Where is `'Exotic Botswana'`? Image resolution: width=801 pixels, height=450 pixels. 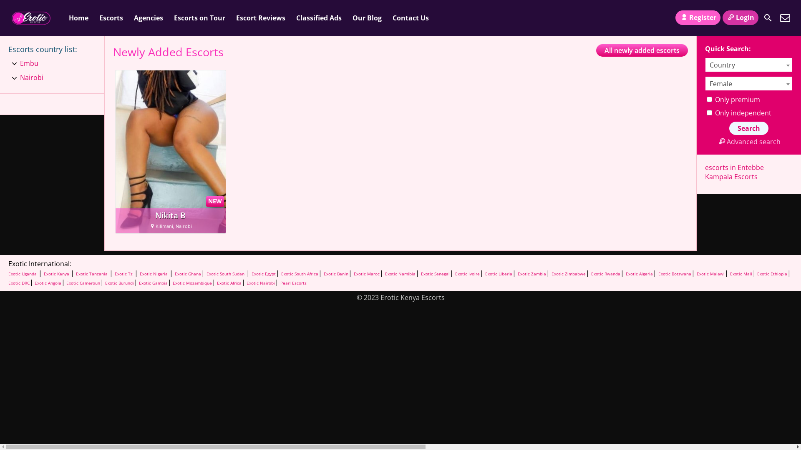 'Exotic Botswana' is located at coordinates (658, 273).